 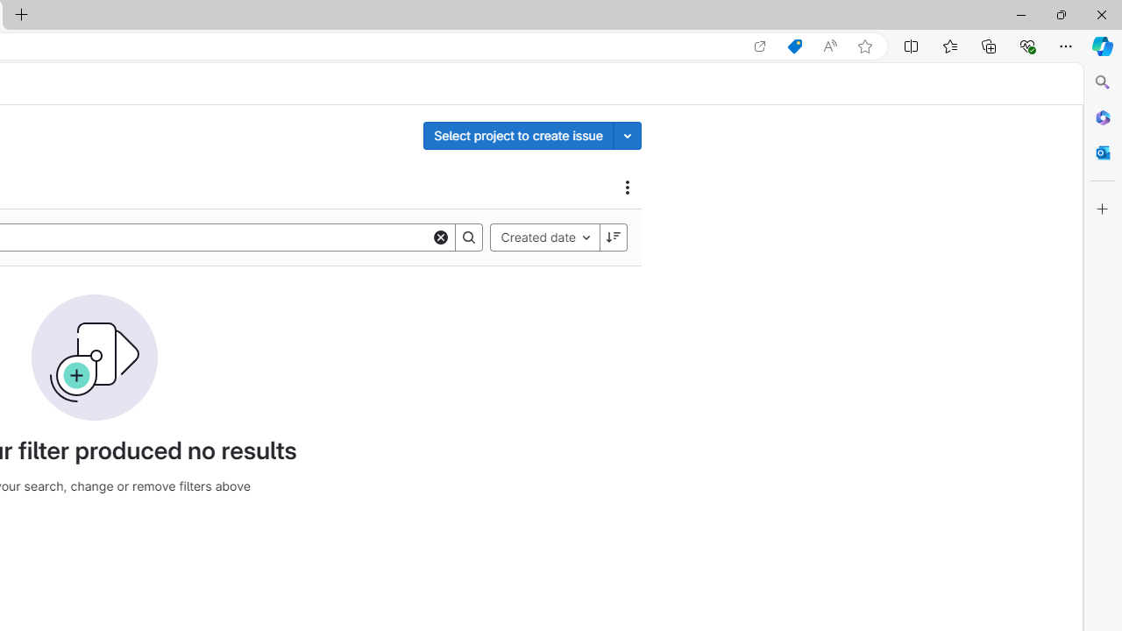 What do you see at coordinates (544, 237) in the screenshot?
I see `'Created date'` at bounding box center [544, 237].